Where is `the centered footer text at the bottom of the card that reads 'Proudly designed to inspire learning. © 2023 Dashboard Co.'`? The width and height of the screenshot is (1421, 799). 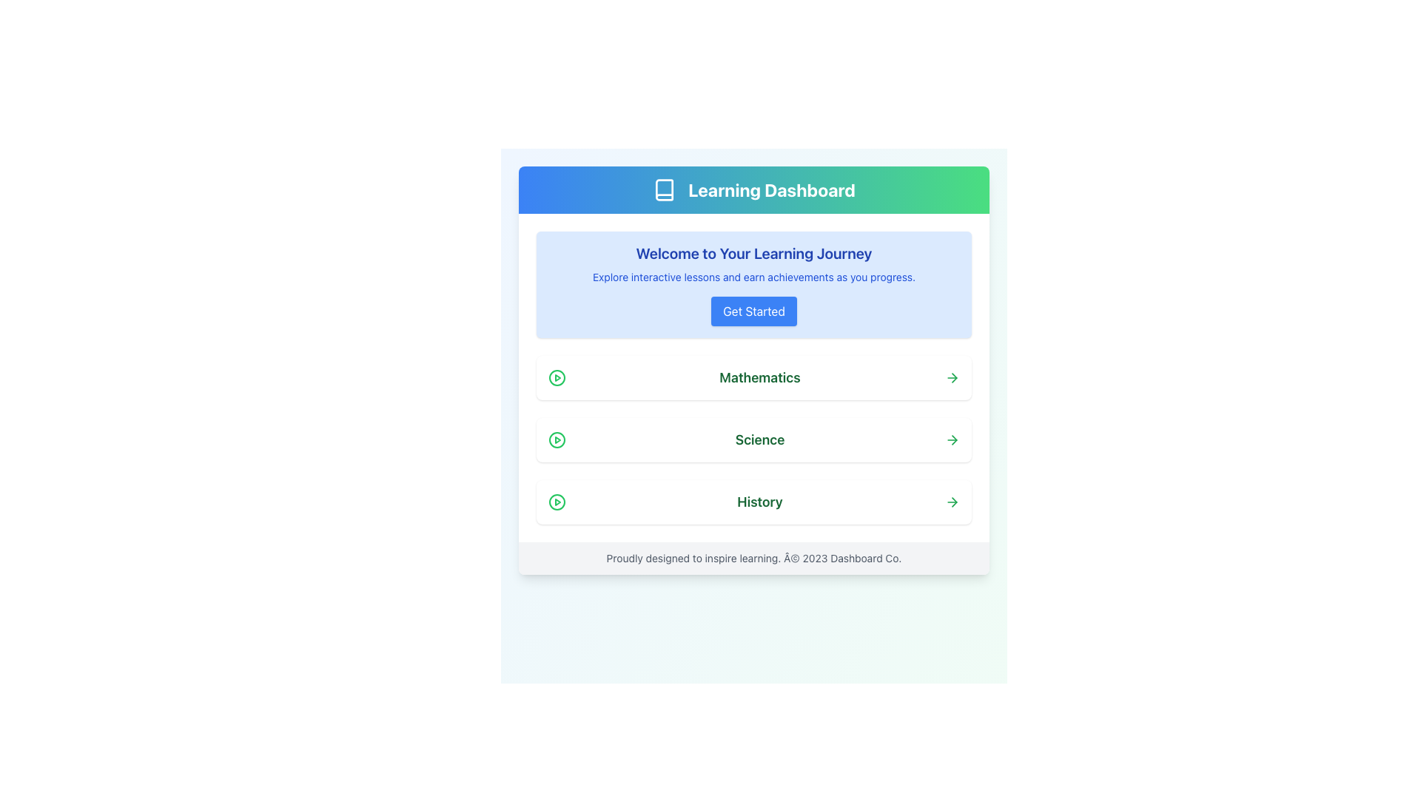
the centered footer text at the bottom of the card that reads 'Proudly designed to inspire learning. © 2023 Dashboard Co.' is located at coordinates (753, 559).